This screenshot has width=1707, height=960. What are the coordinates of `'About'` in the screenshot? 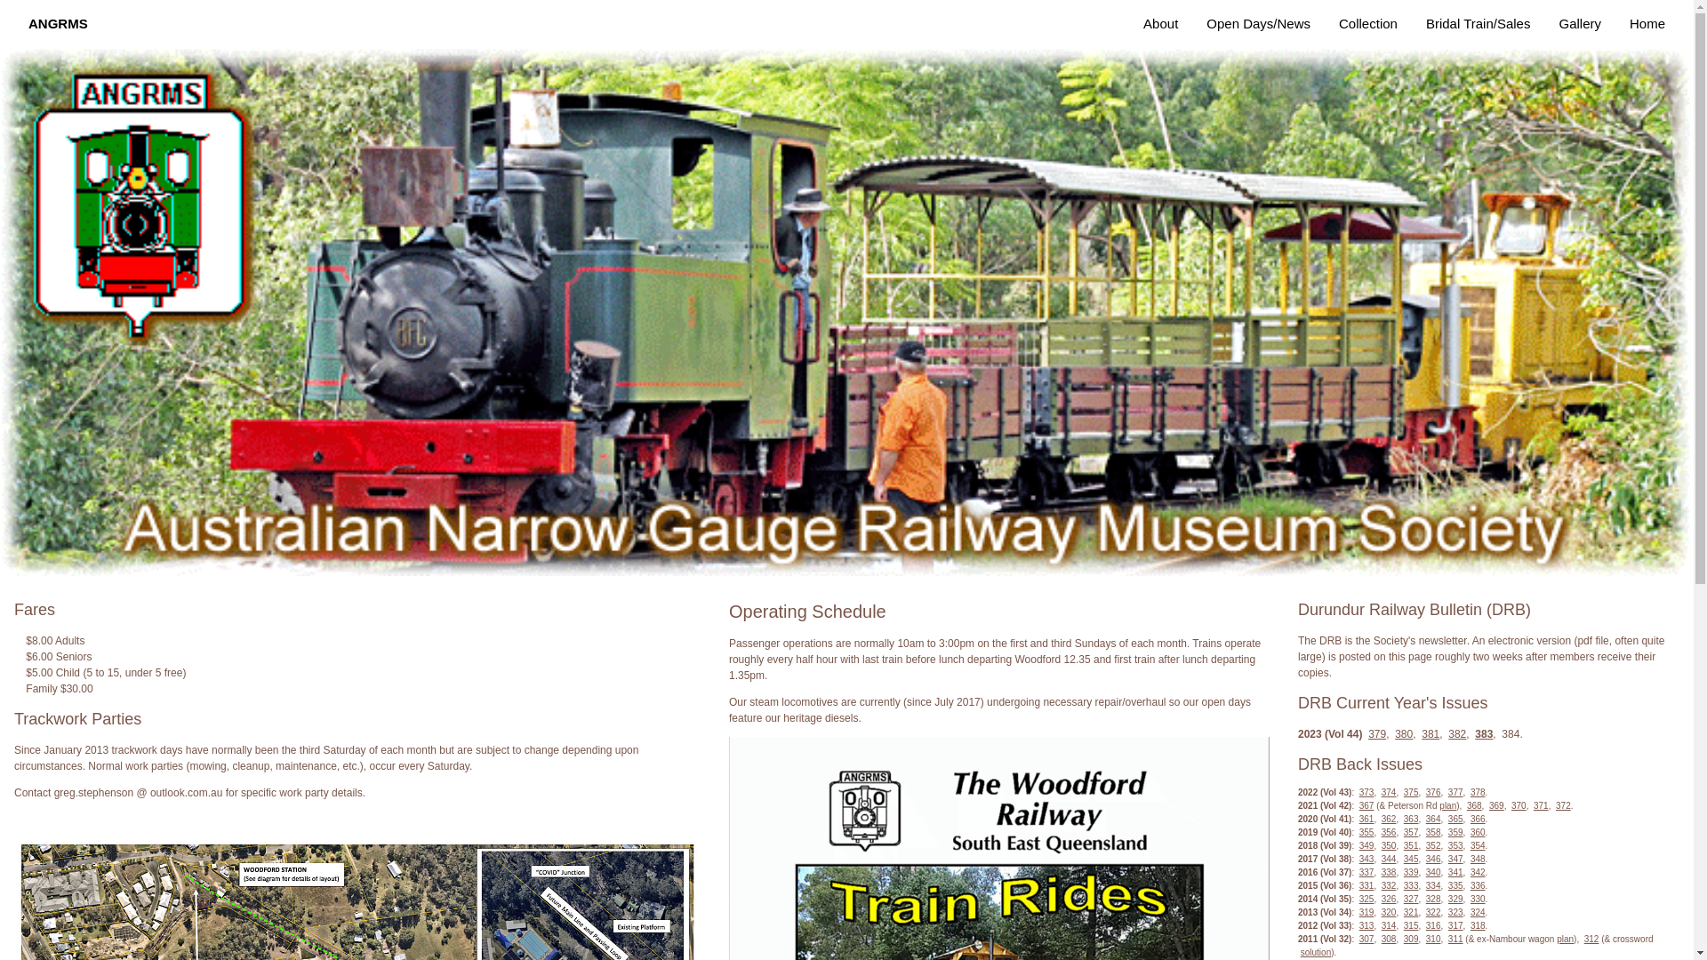 It's located at (1160, 24).